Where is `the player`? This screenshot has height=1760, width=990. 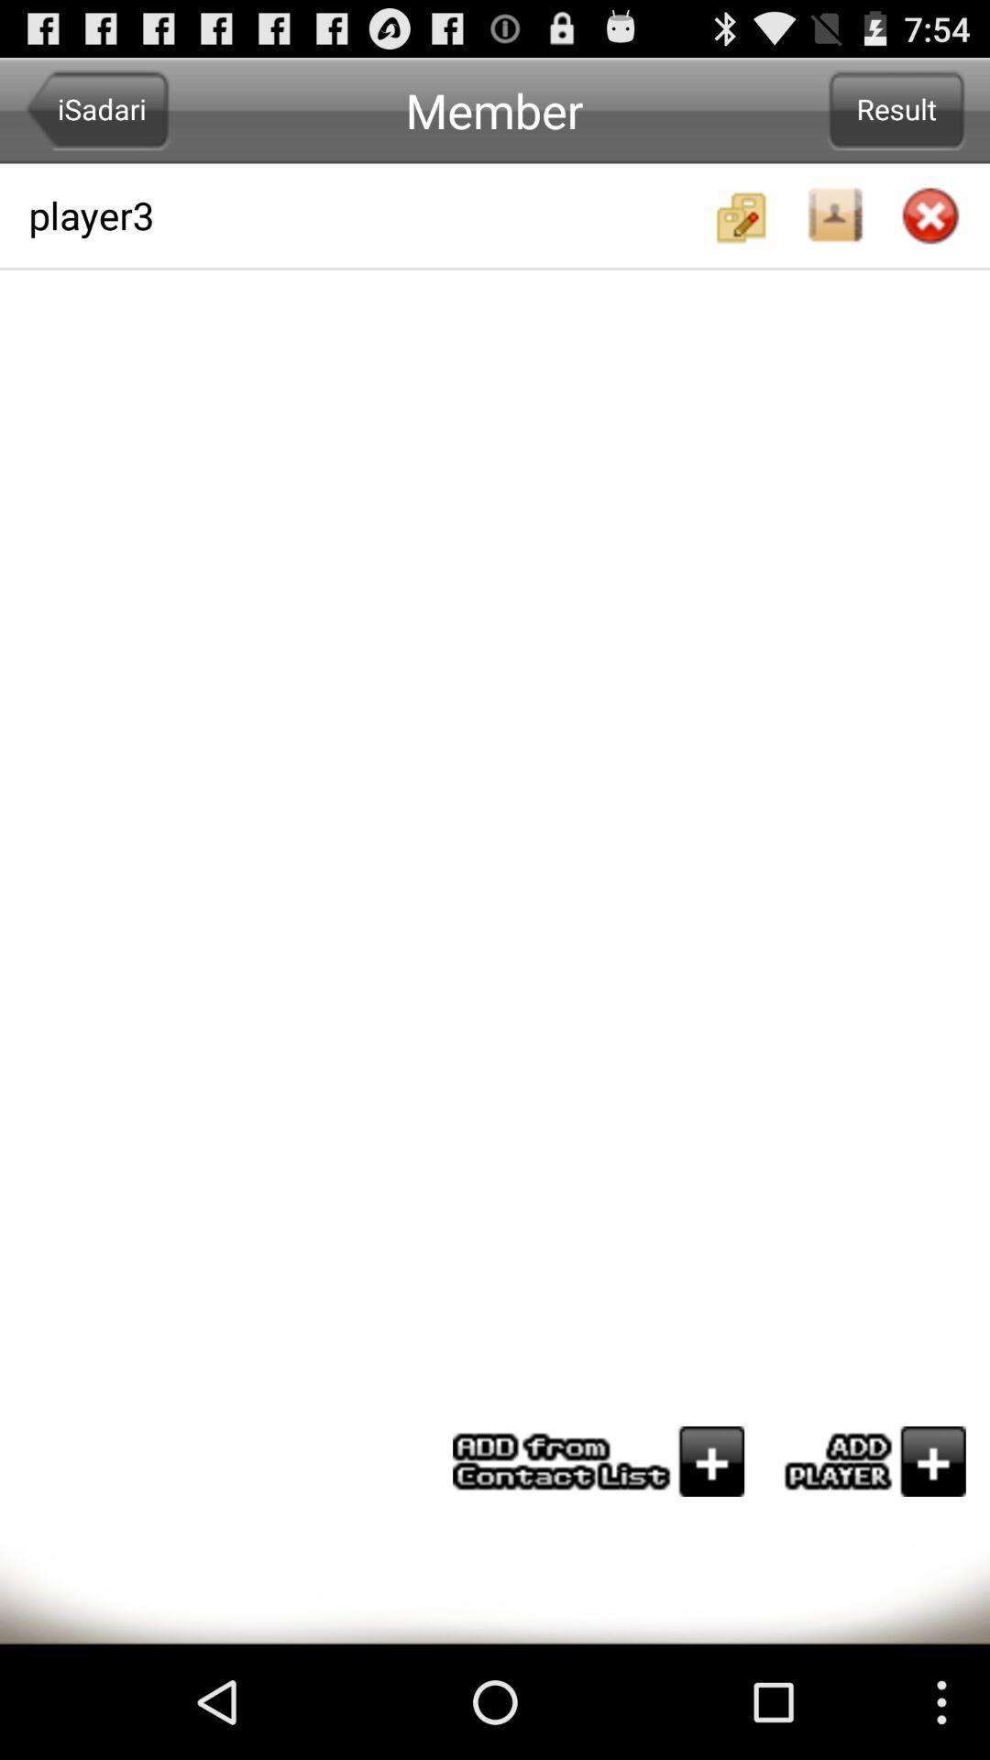
the player is located at coordinates (866, 1460).